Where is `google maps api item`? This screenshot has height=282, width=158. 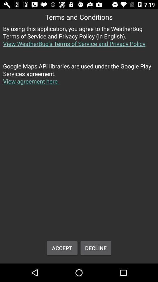 google maps api item is located at coordinates (79, 77).